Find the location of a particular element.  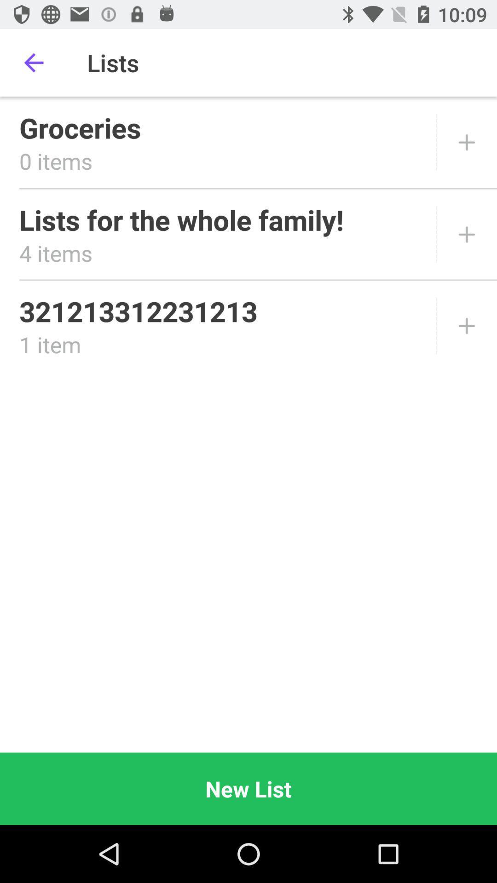

item to the left of the lists icon is located at coordinates (33, 62).